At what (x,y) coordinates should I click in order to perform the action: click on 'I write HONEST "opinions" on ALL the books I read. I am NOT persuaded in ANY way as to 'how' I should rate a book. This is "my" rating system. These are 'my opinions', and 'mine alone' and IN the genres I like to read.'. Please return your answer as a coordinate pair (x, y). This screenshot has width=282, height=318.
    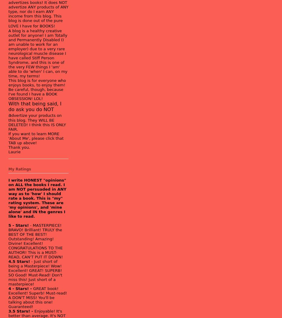
    Looking at the image, I should click on (37, 198).